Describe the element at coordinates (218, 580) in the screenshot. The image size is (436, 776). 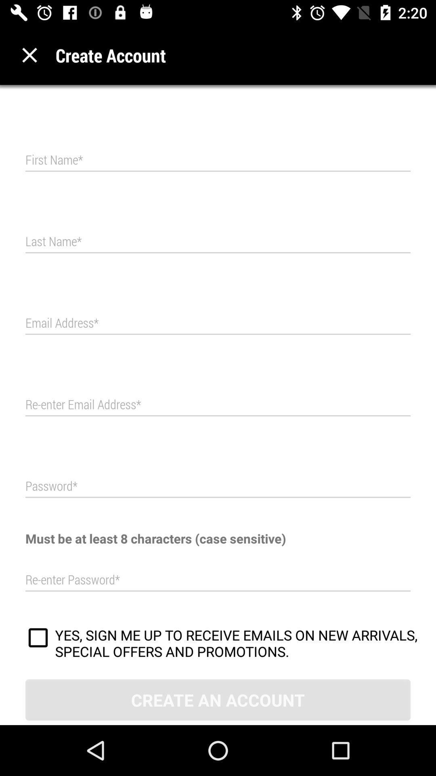
I see `icon below the must be at item` at that location.